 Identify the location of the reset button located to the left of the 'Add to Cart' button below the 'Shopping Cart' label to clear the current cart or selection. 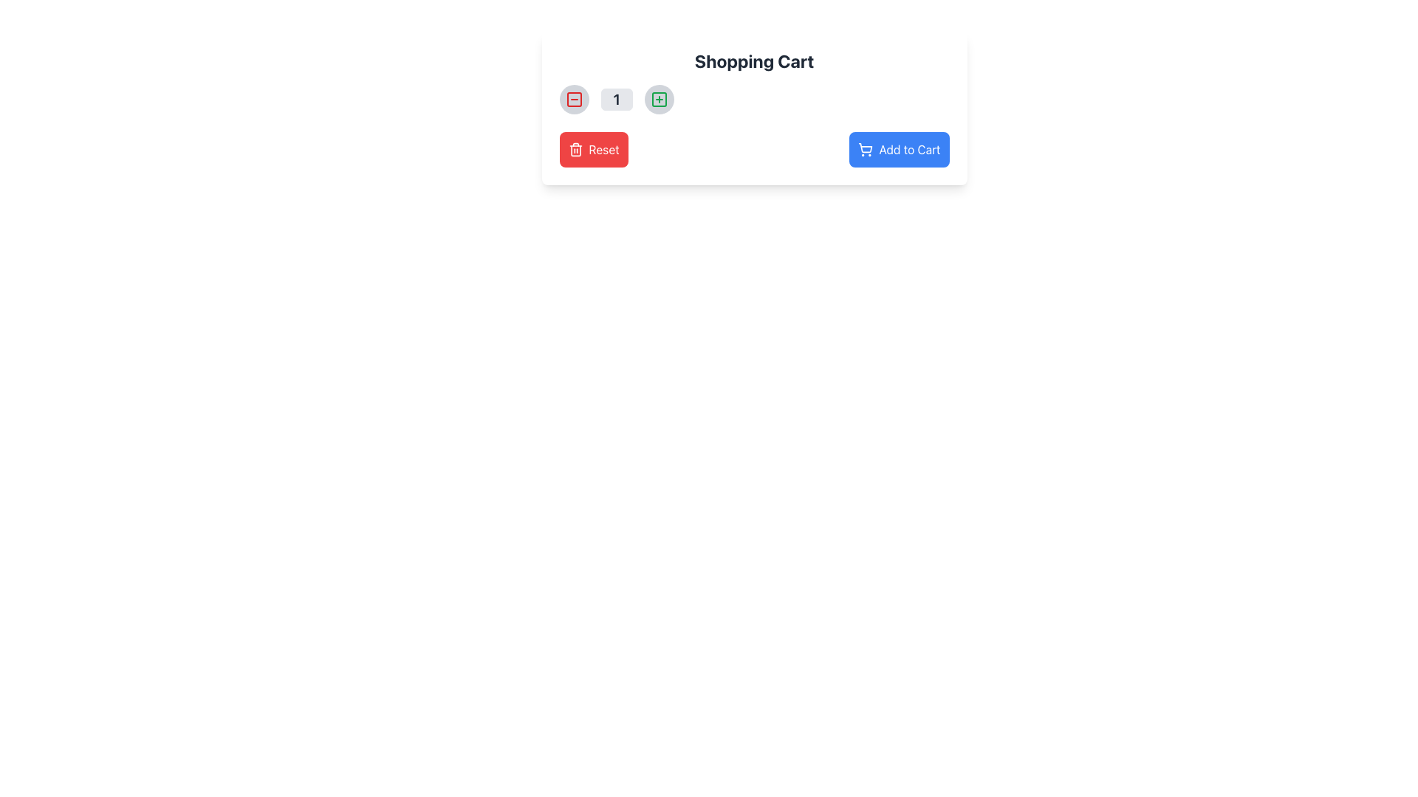
(594, 150).